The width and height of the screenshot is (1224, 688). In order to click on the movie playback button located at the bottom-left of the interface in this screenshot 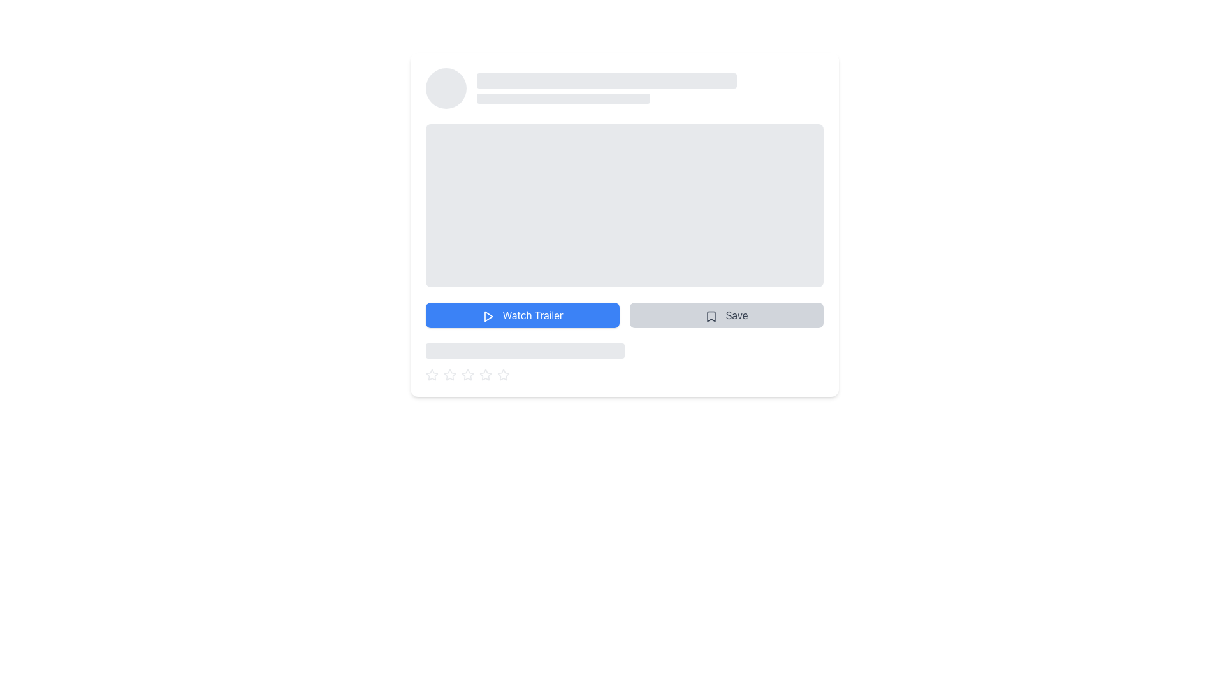, I will do `click(523, 315)`.